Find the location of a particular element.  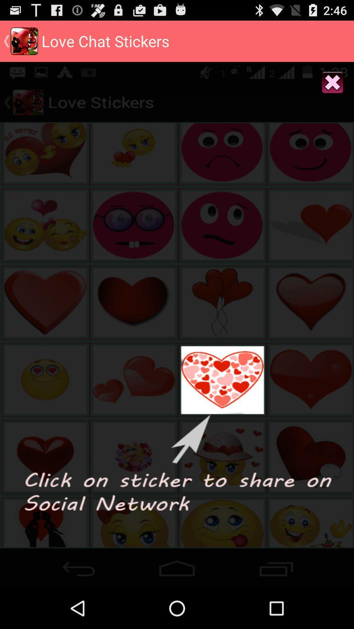

heart emoji is located at coordinates (177, 566).